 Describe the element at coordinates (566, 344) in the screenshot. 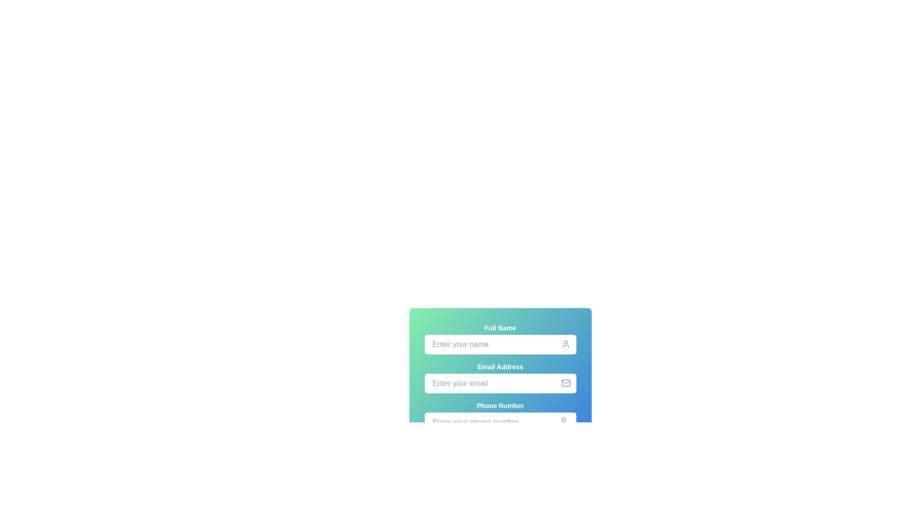

I see `the user silhouette icon located at the far right of the 'Enter your name' text input field` at that location.